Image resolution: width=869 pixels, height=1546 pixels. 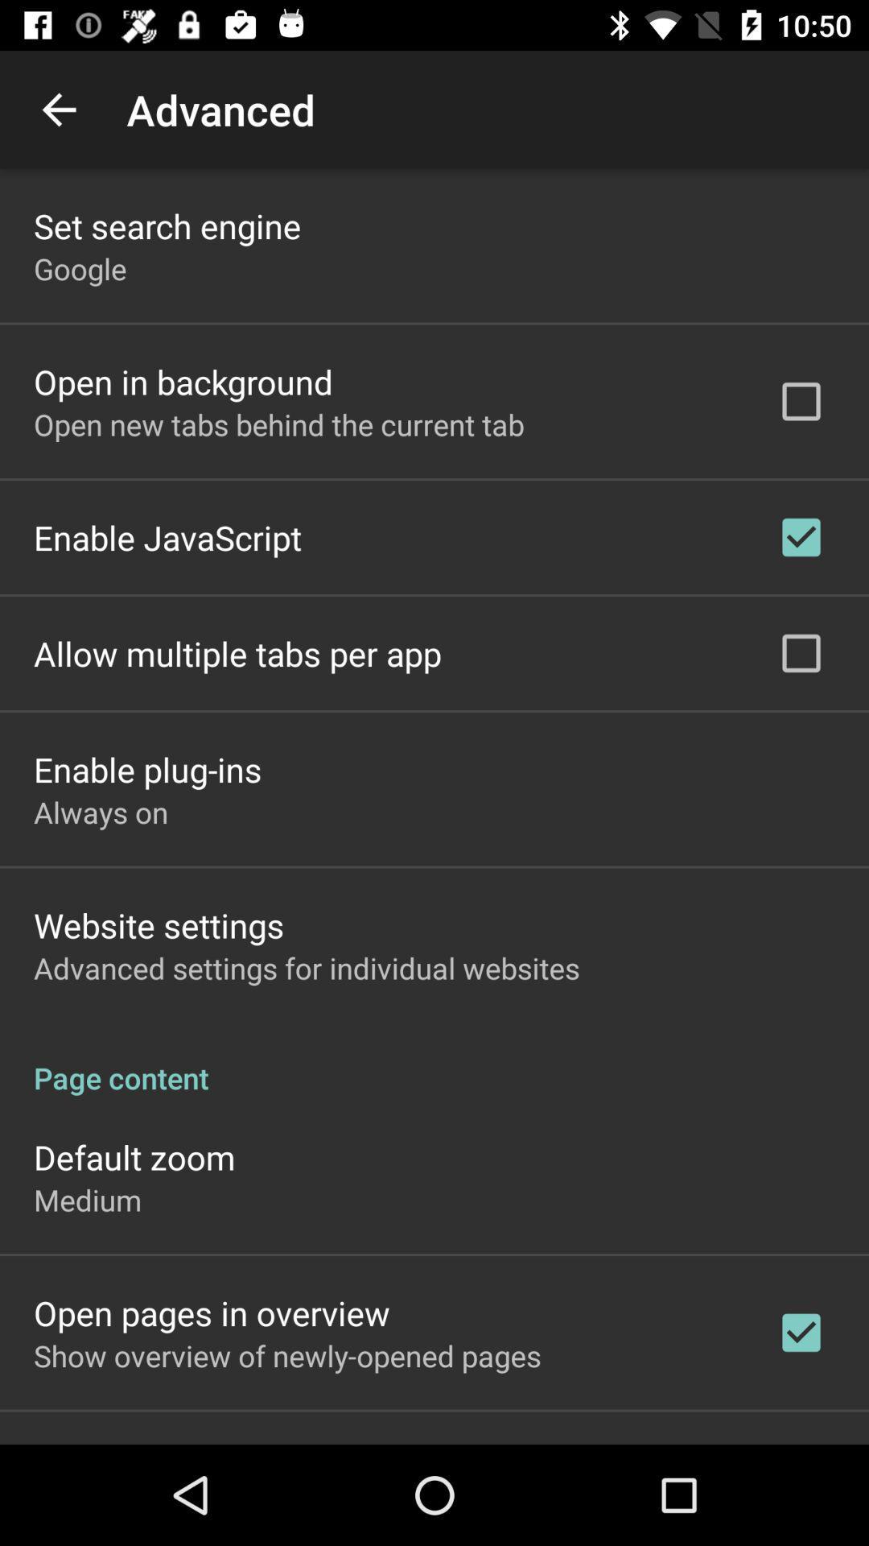 I want to click on always on, so click(x=101, y=812).